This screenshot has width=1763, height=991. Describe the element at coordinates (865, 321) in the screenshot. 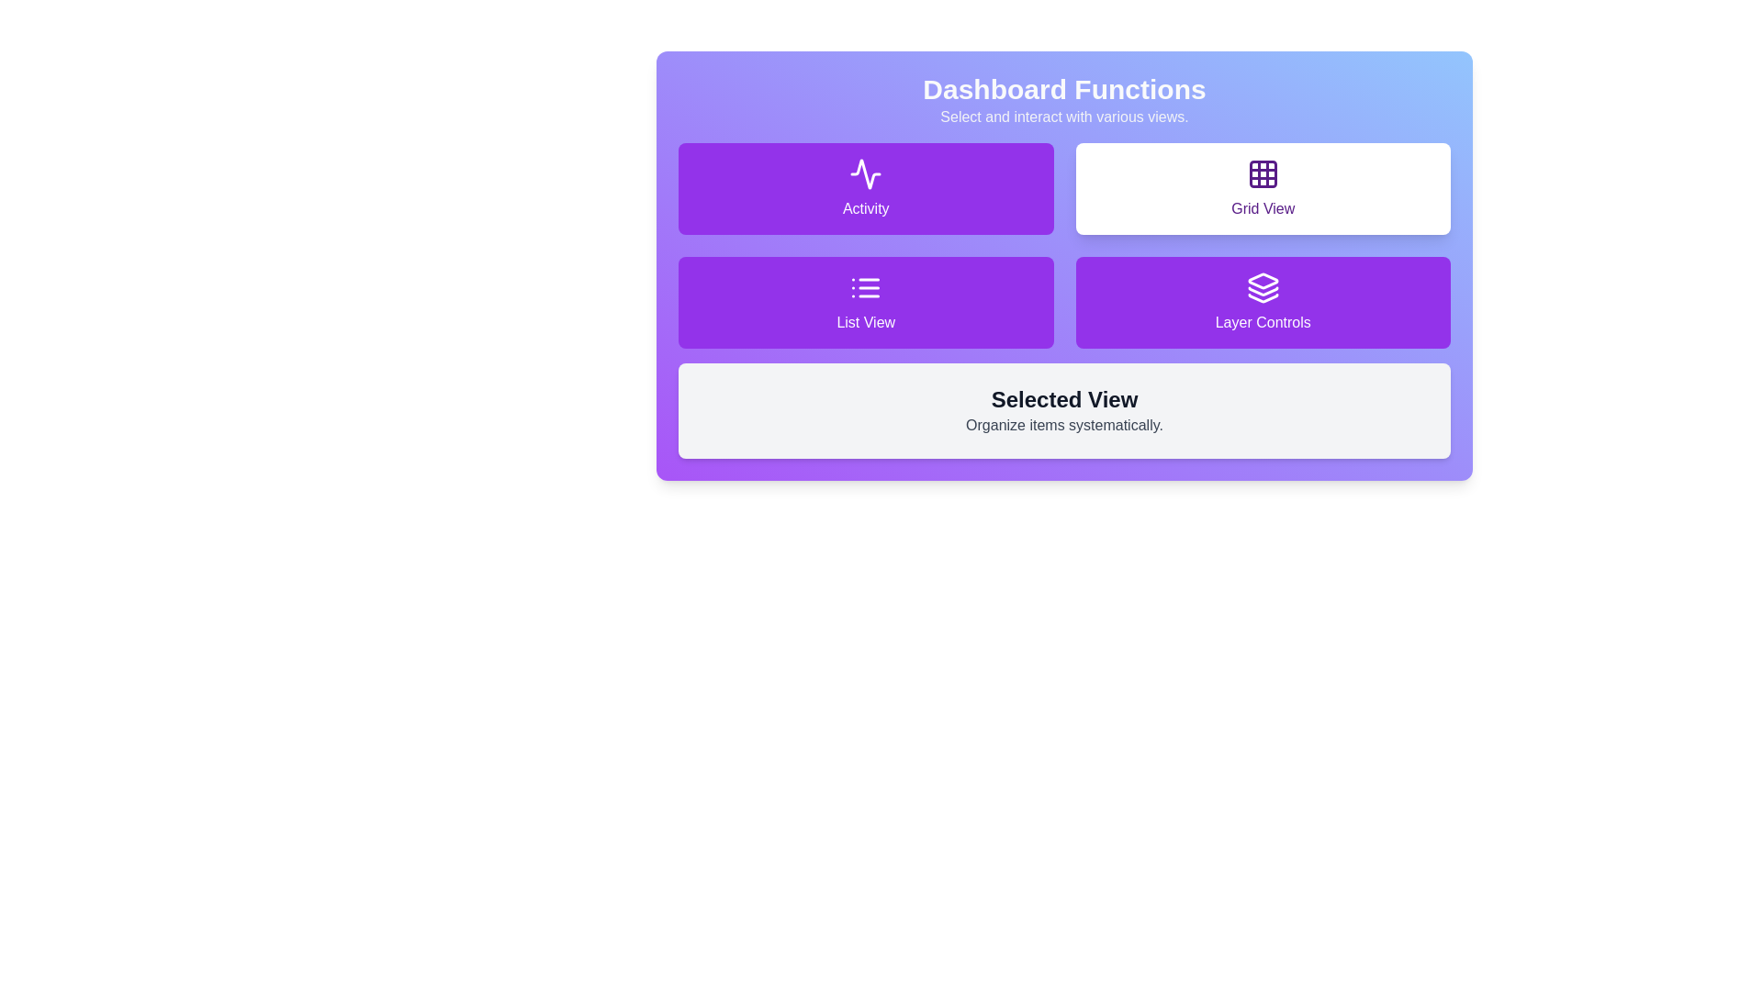

I see `text of the label indicating the action associated with the button to switch to a list view interface, located in the second row, first column of the grid under 'Dashboard Functions'` at that location.